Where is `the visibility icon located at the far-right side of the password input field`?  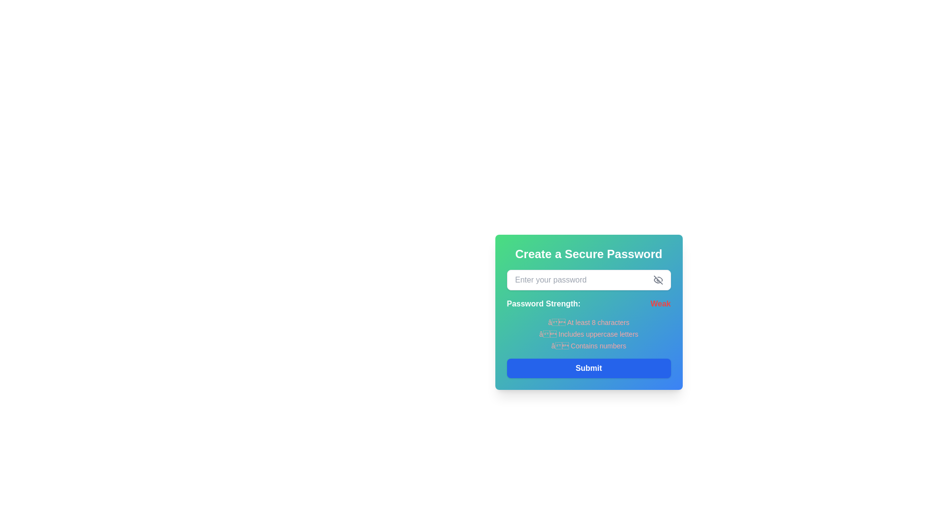
the visibility icon located at the far-right side of the password input field is located at coordinates (658, 280).